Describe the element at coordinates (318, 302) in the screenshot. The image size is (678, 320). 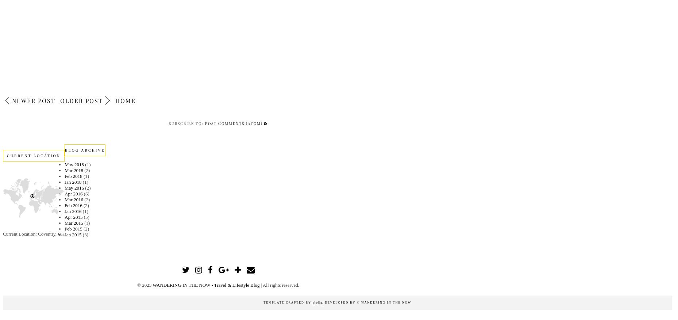
I see `'pipdig.'` at that location.